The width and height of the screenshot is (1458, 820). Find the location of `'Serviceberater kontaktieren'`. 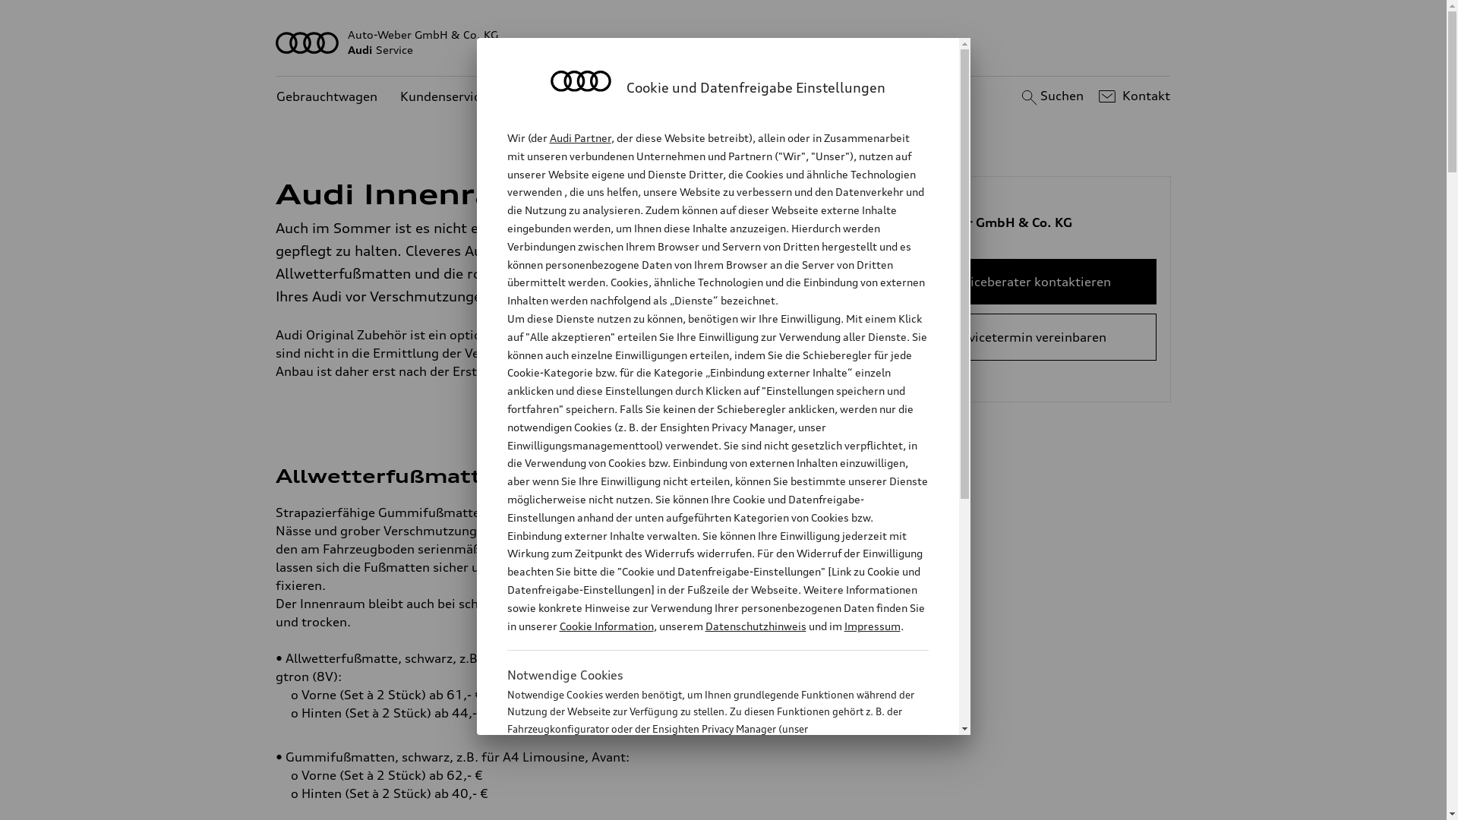

'Serviceberater kontaktieren' is located at coordinates (1027, 281).